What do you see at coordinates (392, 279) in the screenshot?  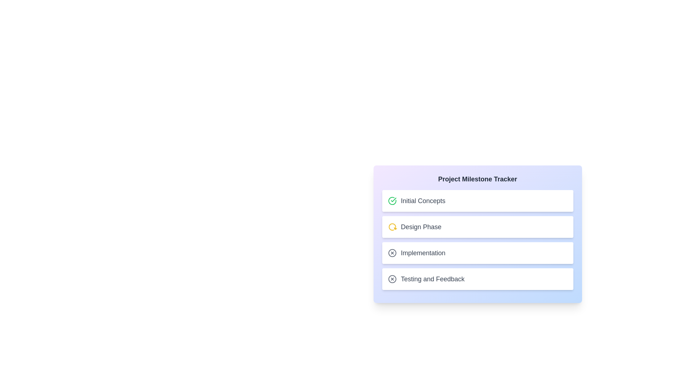 I see `the circular glyph icon with an embedded 'X' shape that indicates the incomplete or failed status of the 'Testing and Feedback' milestone in the Project Milestone Tracker` at bounding box center [392, 279].